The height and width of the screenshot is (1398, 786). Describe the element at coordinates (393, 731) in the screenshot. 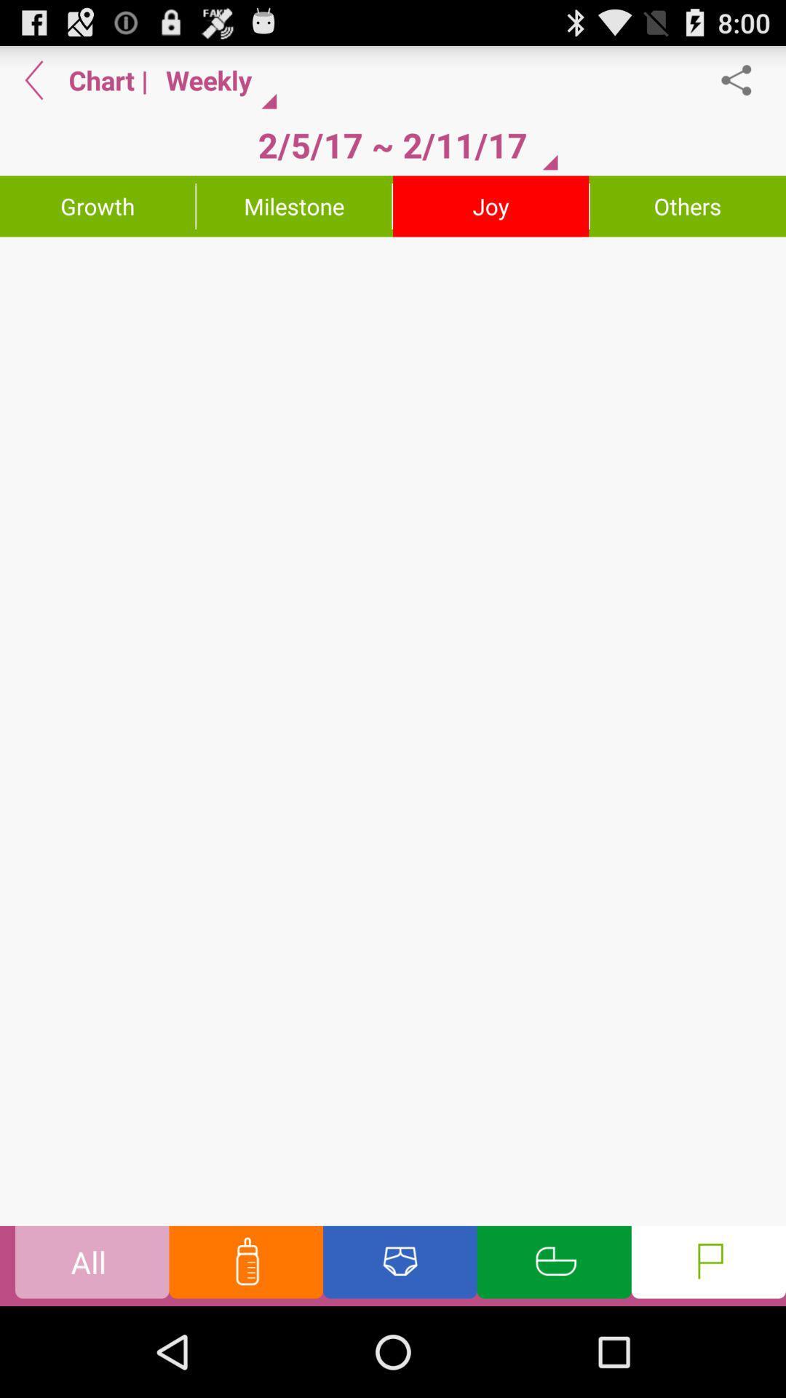

I see `write` at that location.